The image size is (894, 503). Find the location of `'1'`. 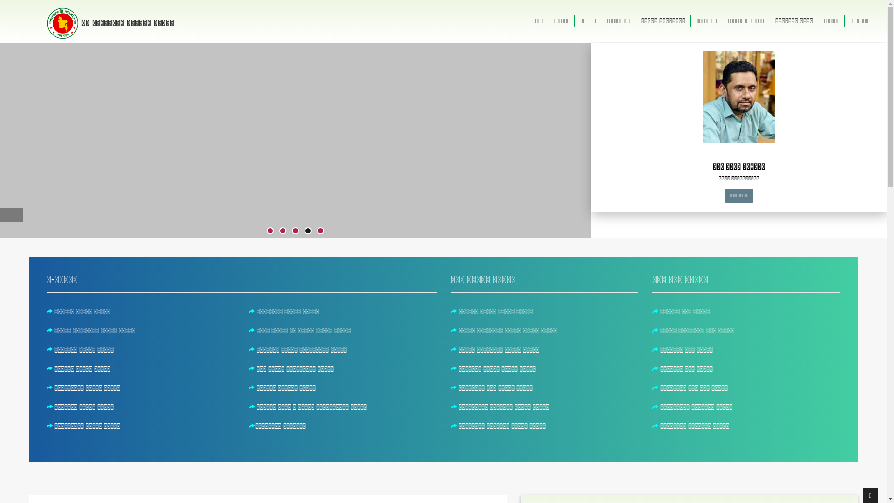

'1' is located at coordinates (270, 231).